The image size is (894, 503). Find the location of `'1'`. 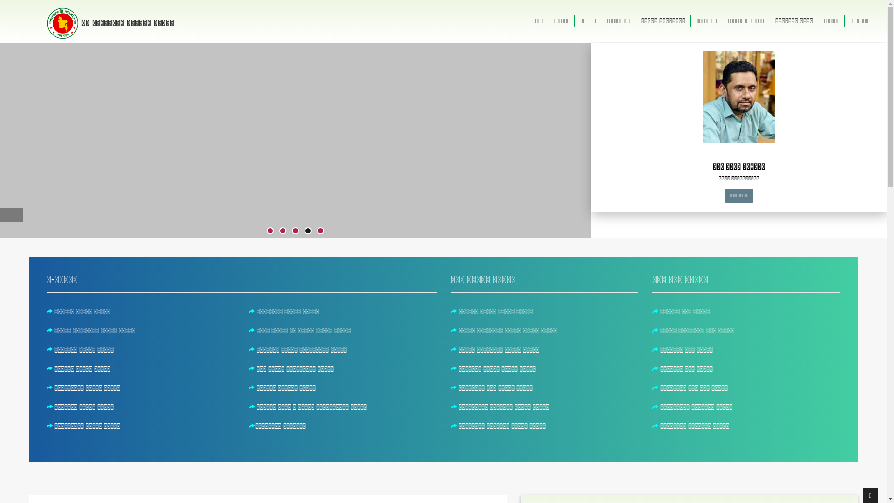

'1' is located at coordinates (270, 231).